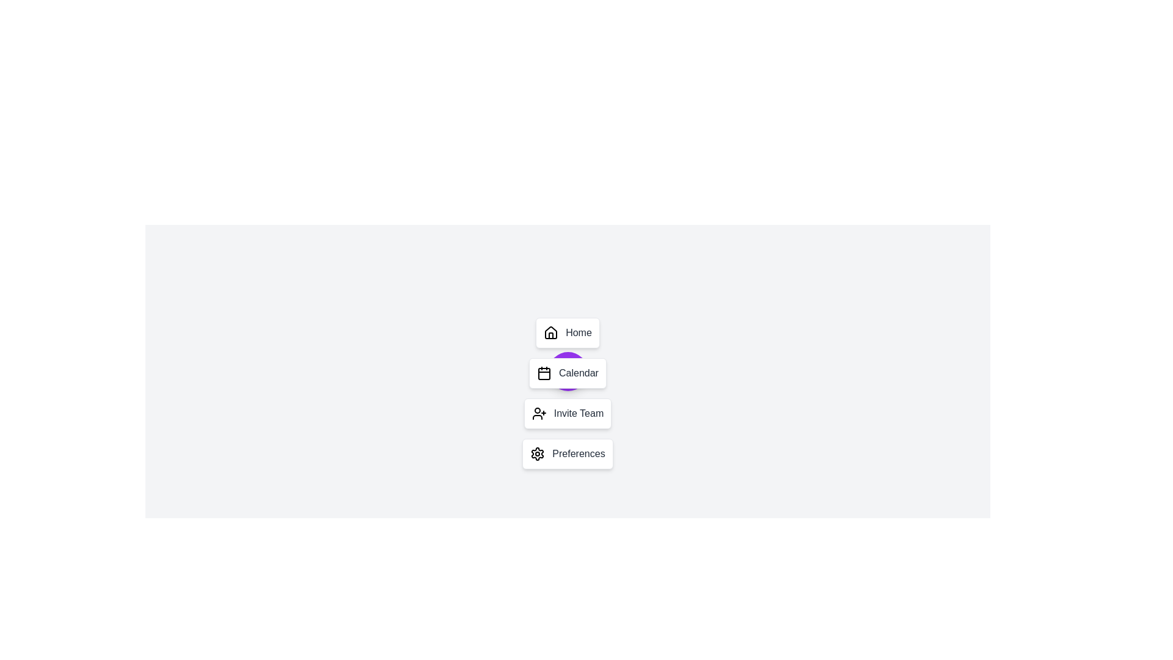 This screenshot has height=660, width=1173. Describe the element at coordinates (578, 413) in the screenshot. I see `the text label indicating the purpose of the invite team members button, which is located within the third button from the top in a vertical menu list` at that location.